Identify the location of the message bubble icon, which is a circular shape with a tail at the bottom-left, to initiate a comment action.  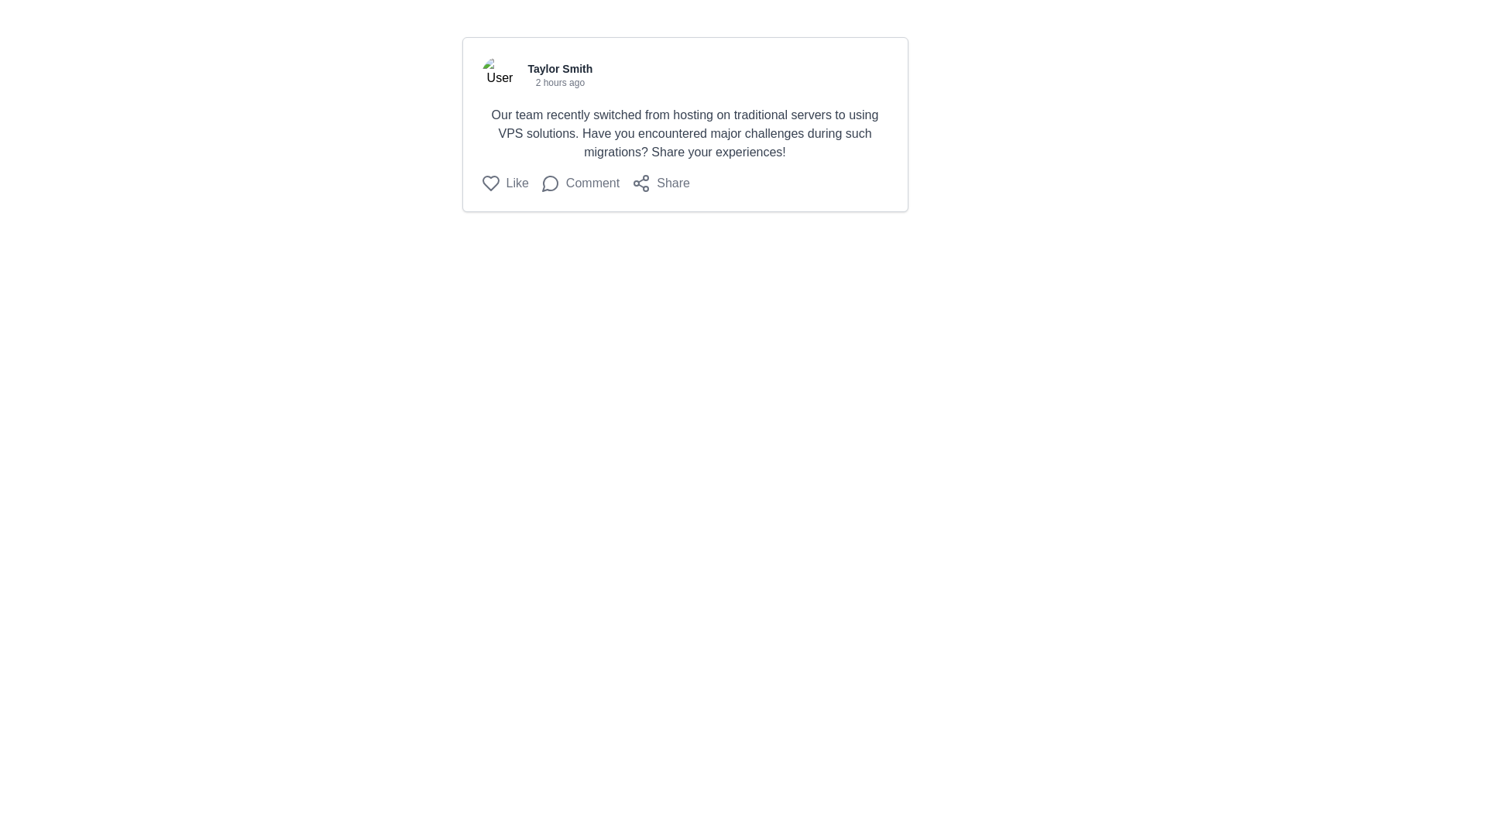
(550, 183).